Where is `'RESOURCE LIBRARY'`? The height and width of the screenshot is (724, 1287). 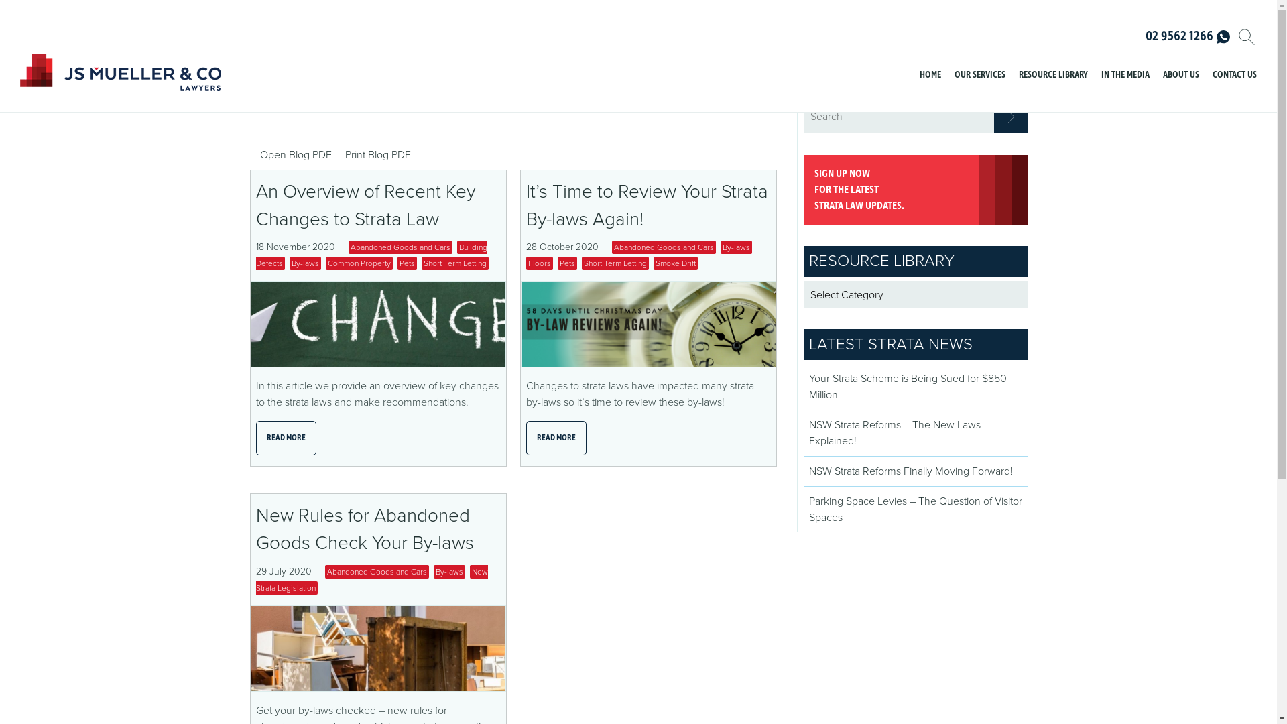
'RESOURCE LIBRARY' is located at coordinates (1052, 76).